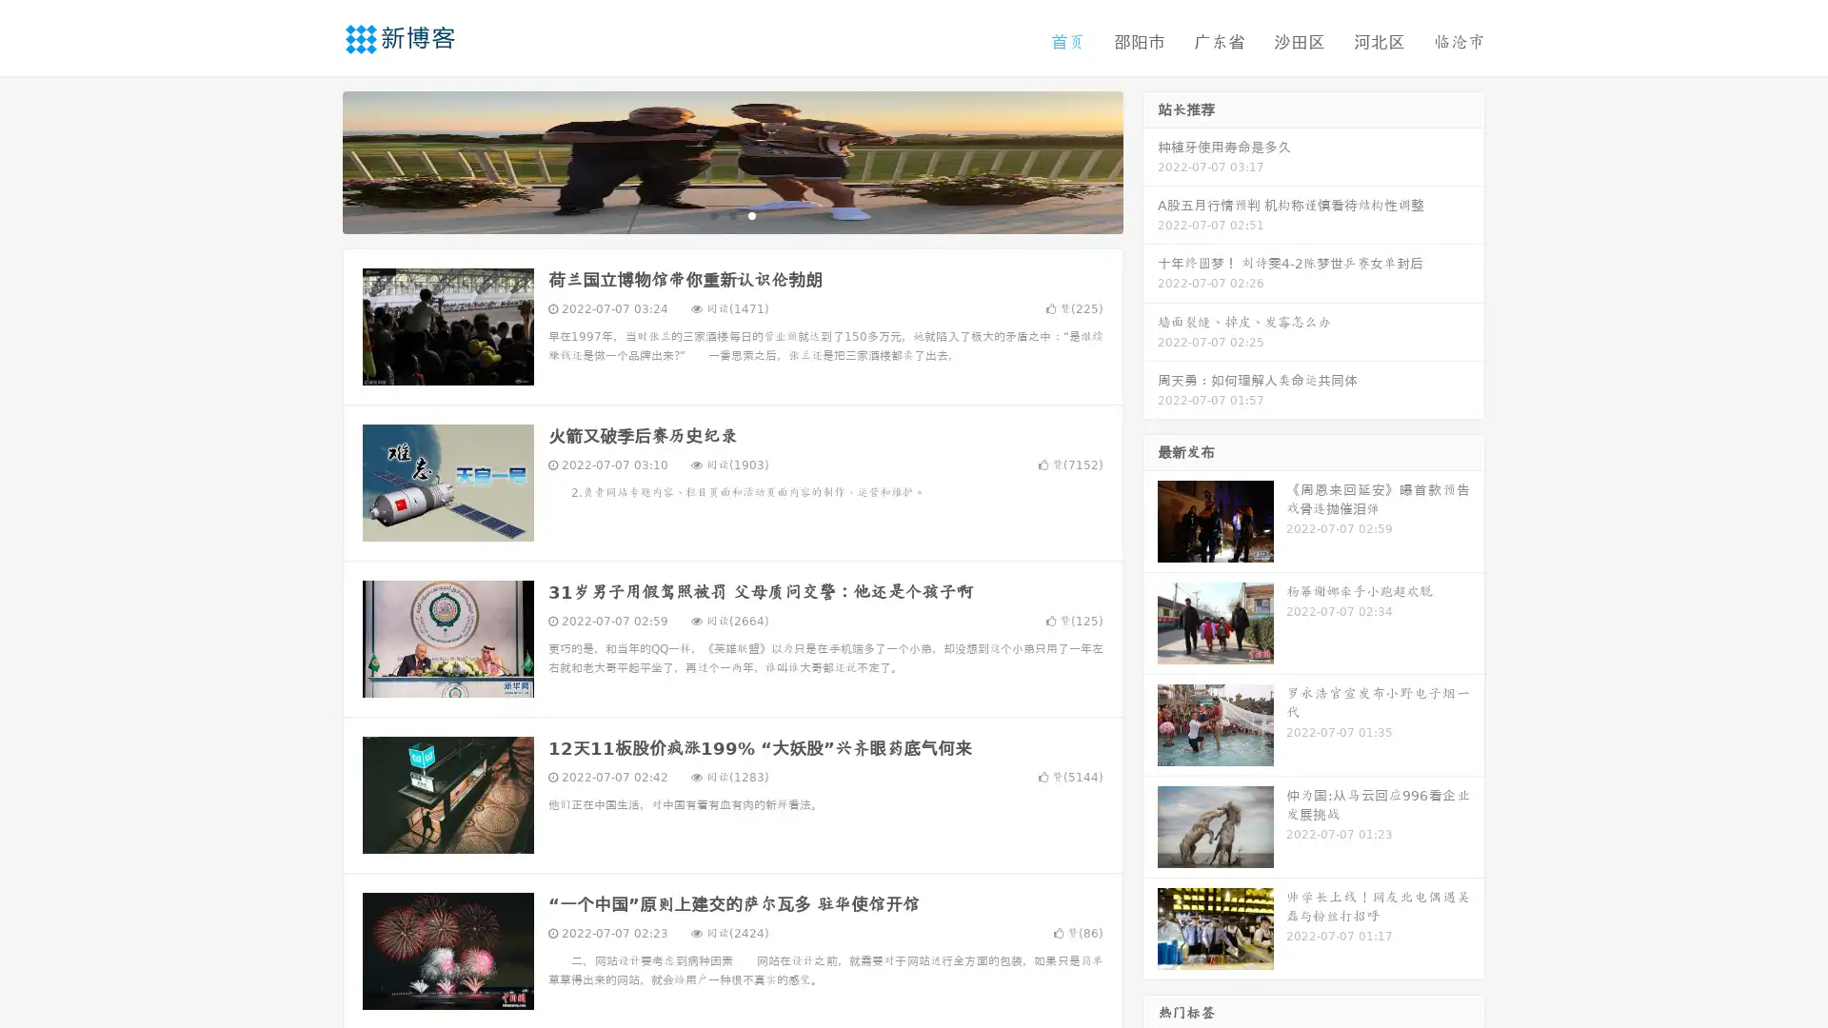  I want to click on Go to slide 3, so click(751, 214).